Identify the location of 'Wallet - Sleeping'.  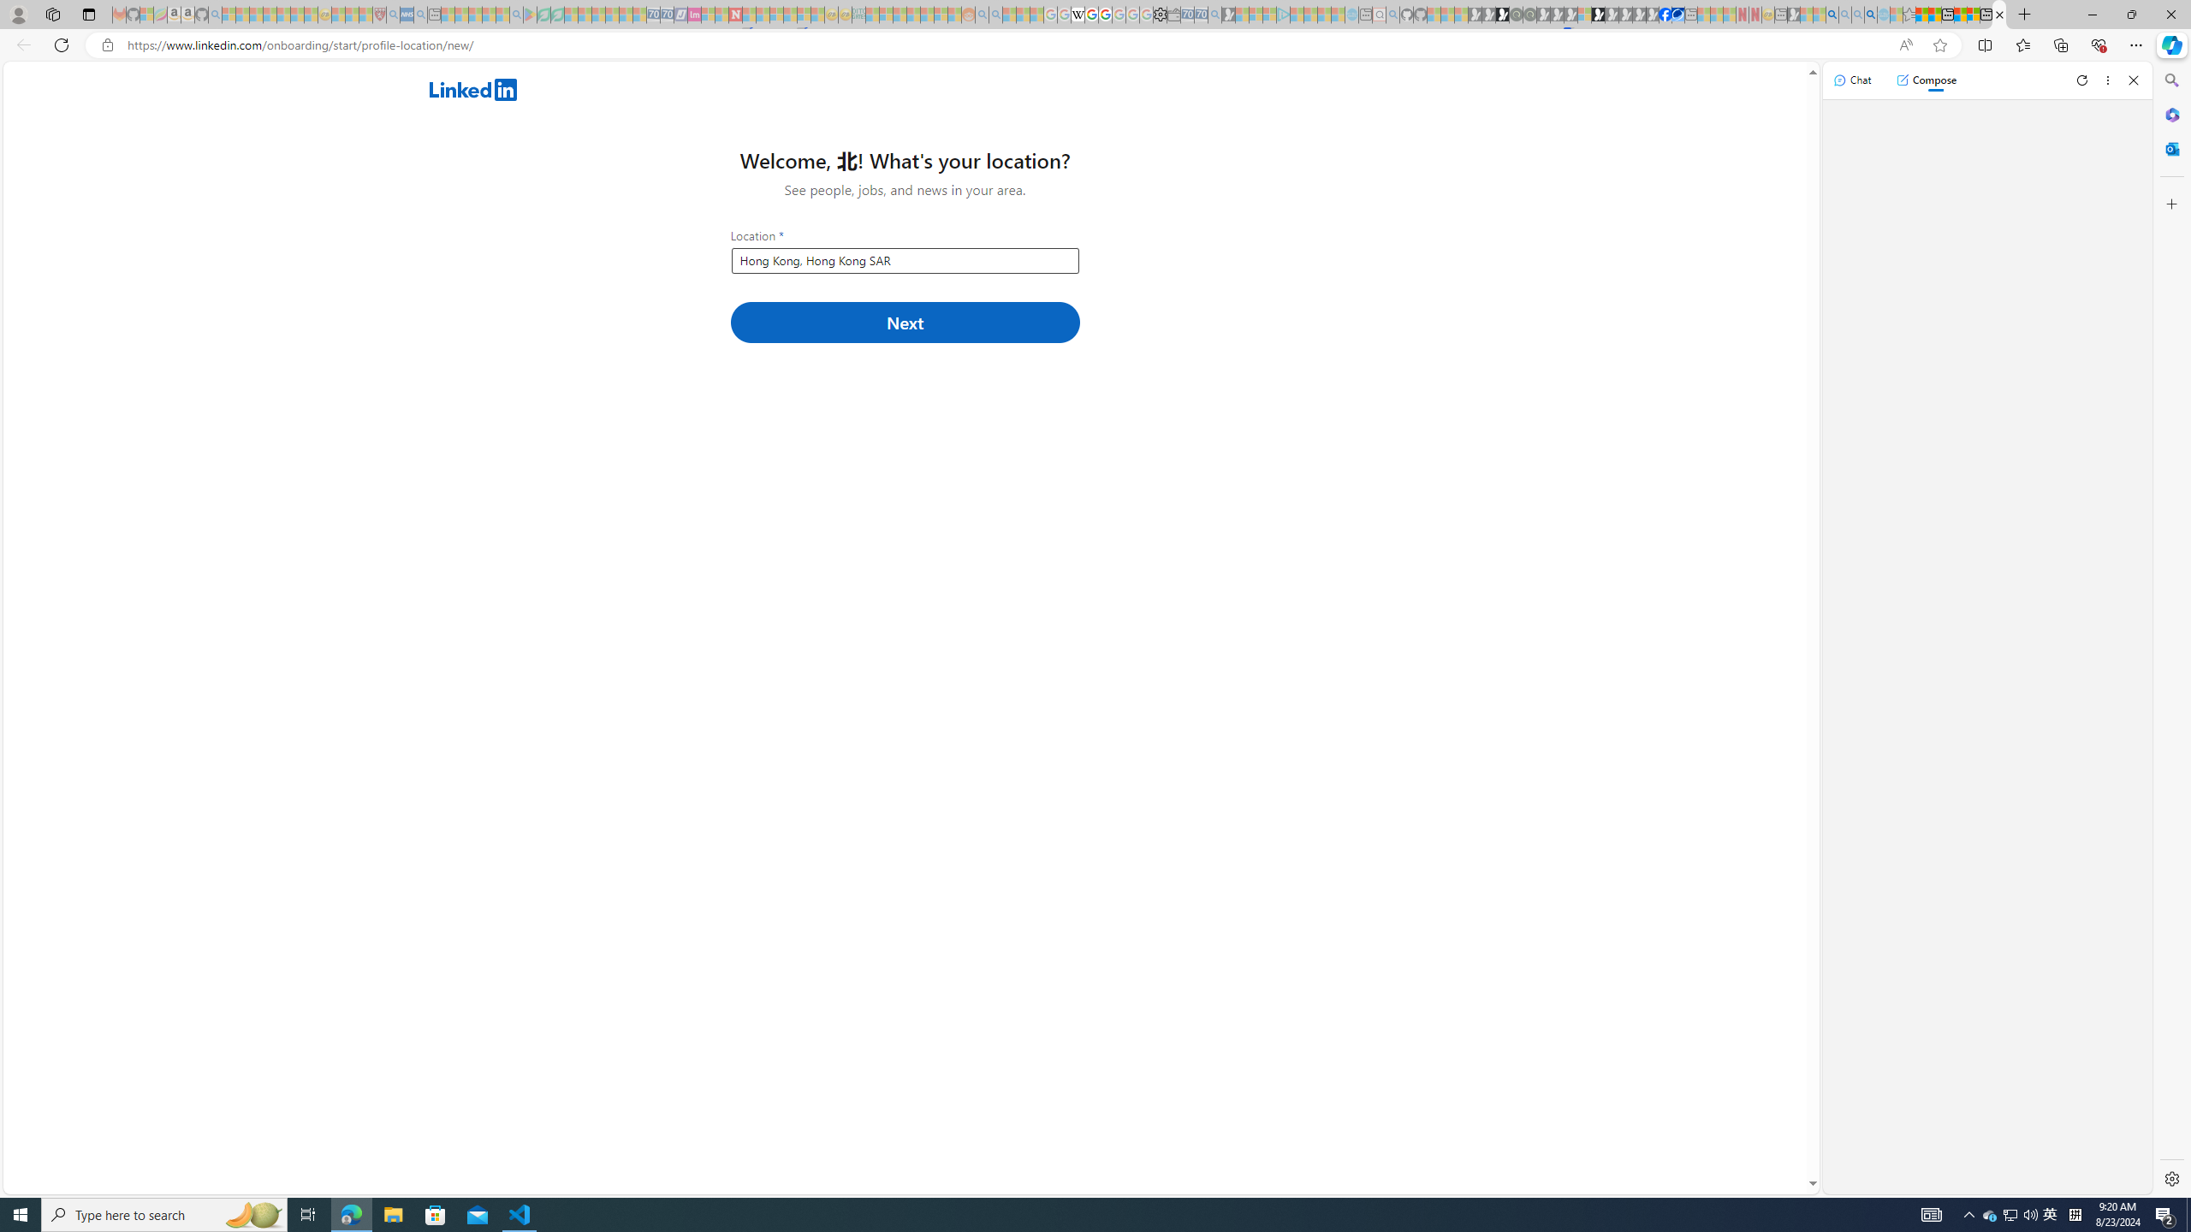
(1172, 14).